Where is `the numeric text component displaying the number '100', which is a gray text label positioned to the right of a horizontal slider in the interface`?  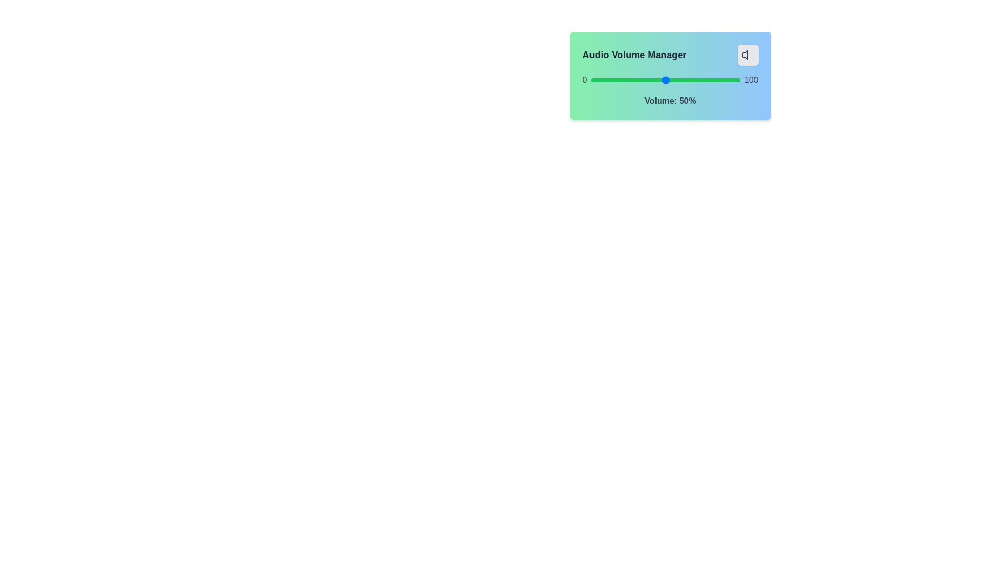 the numeric text component displaying the number '100', which is a gray text label positioned to the right of a horizontal slider in the interface is located at coordinates (751, 80).